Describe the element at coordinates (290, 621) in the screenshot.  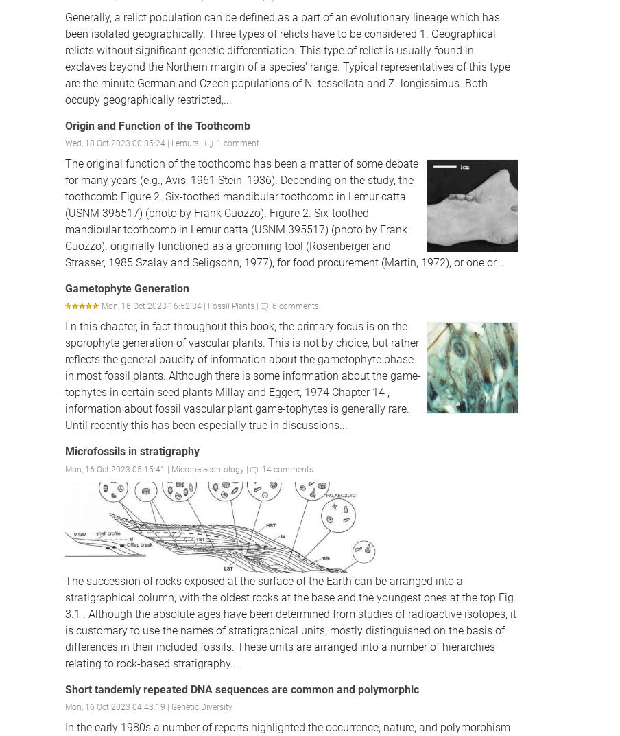
I see `'The succession of rocks exposed at the surface of the Earth can be arranged into a stratigraphical column, with the oldest rocks at the base and the youngest ones at the top Fig. 3.1 . Although the absolute ages have been determined from studies of radioactive isotopes, it is customary to use the names of stratigraphical units, mostly distinguished on the basis of differences in their included fossils. These units are arranged into a number of hierarchies relating to rock-based stratigraphy...'` at that location.